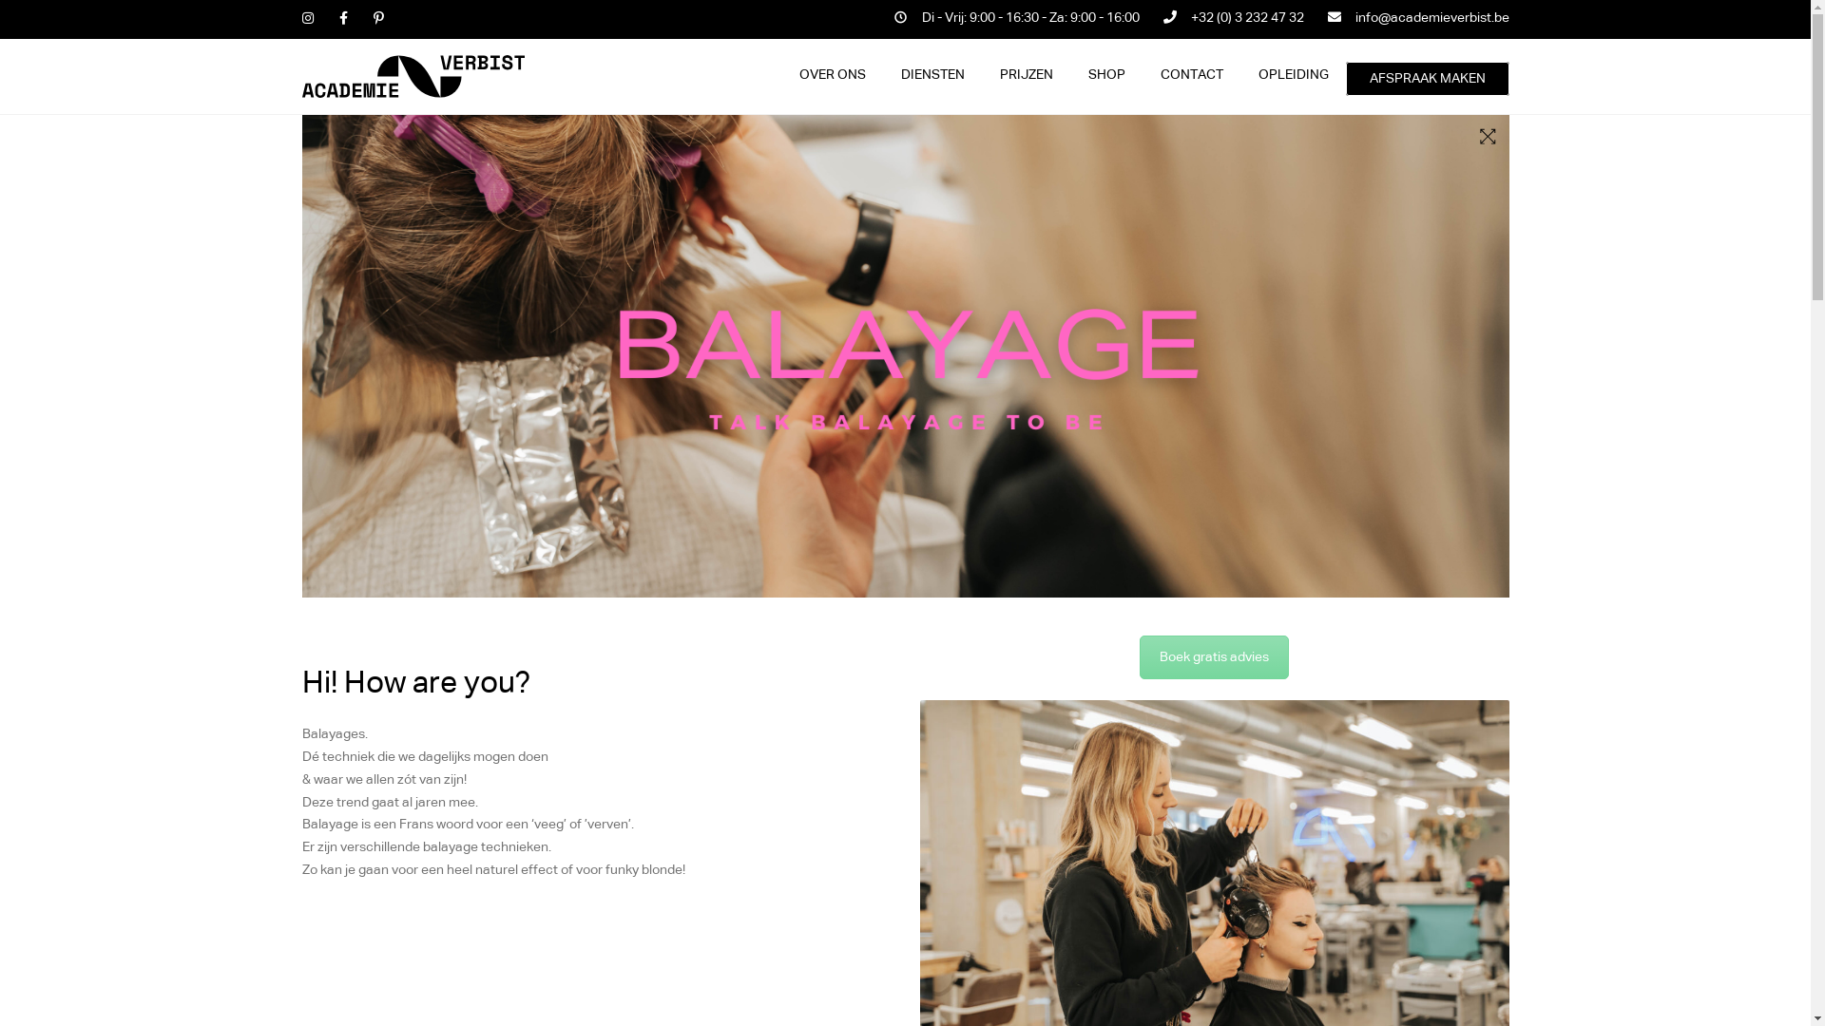 The image size is (1825, 1026). I want to click on 'PRIJZEN', so click(1026, 75).